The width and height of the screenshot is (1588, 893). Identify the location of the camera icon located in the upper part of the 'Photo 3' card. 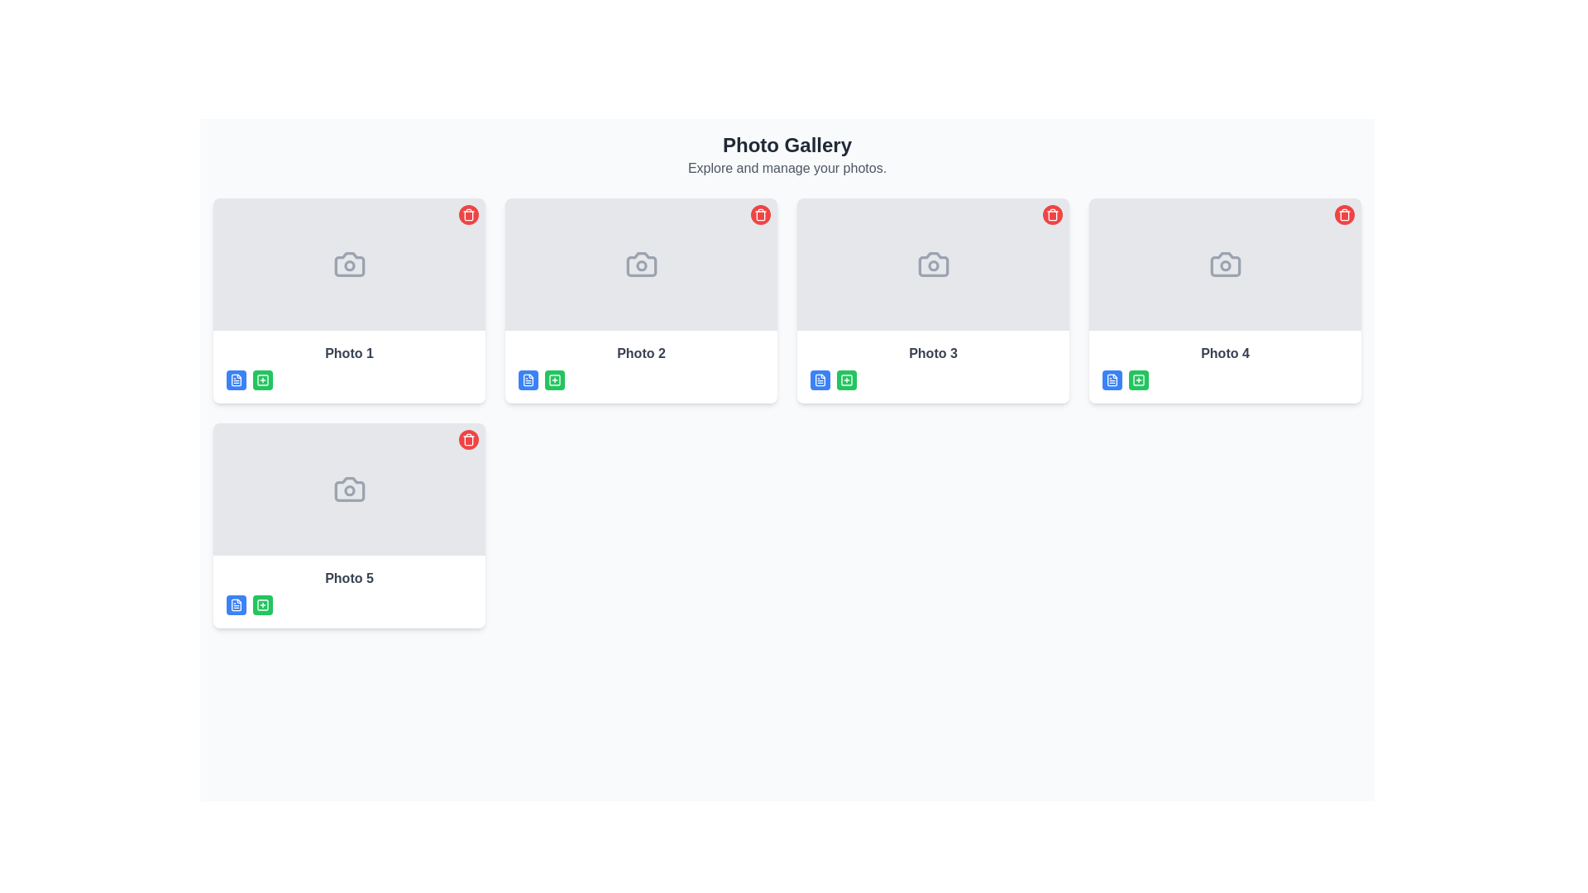
(933, 264).